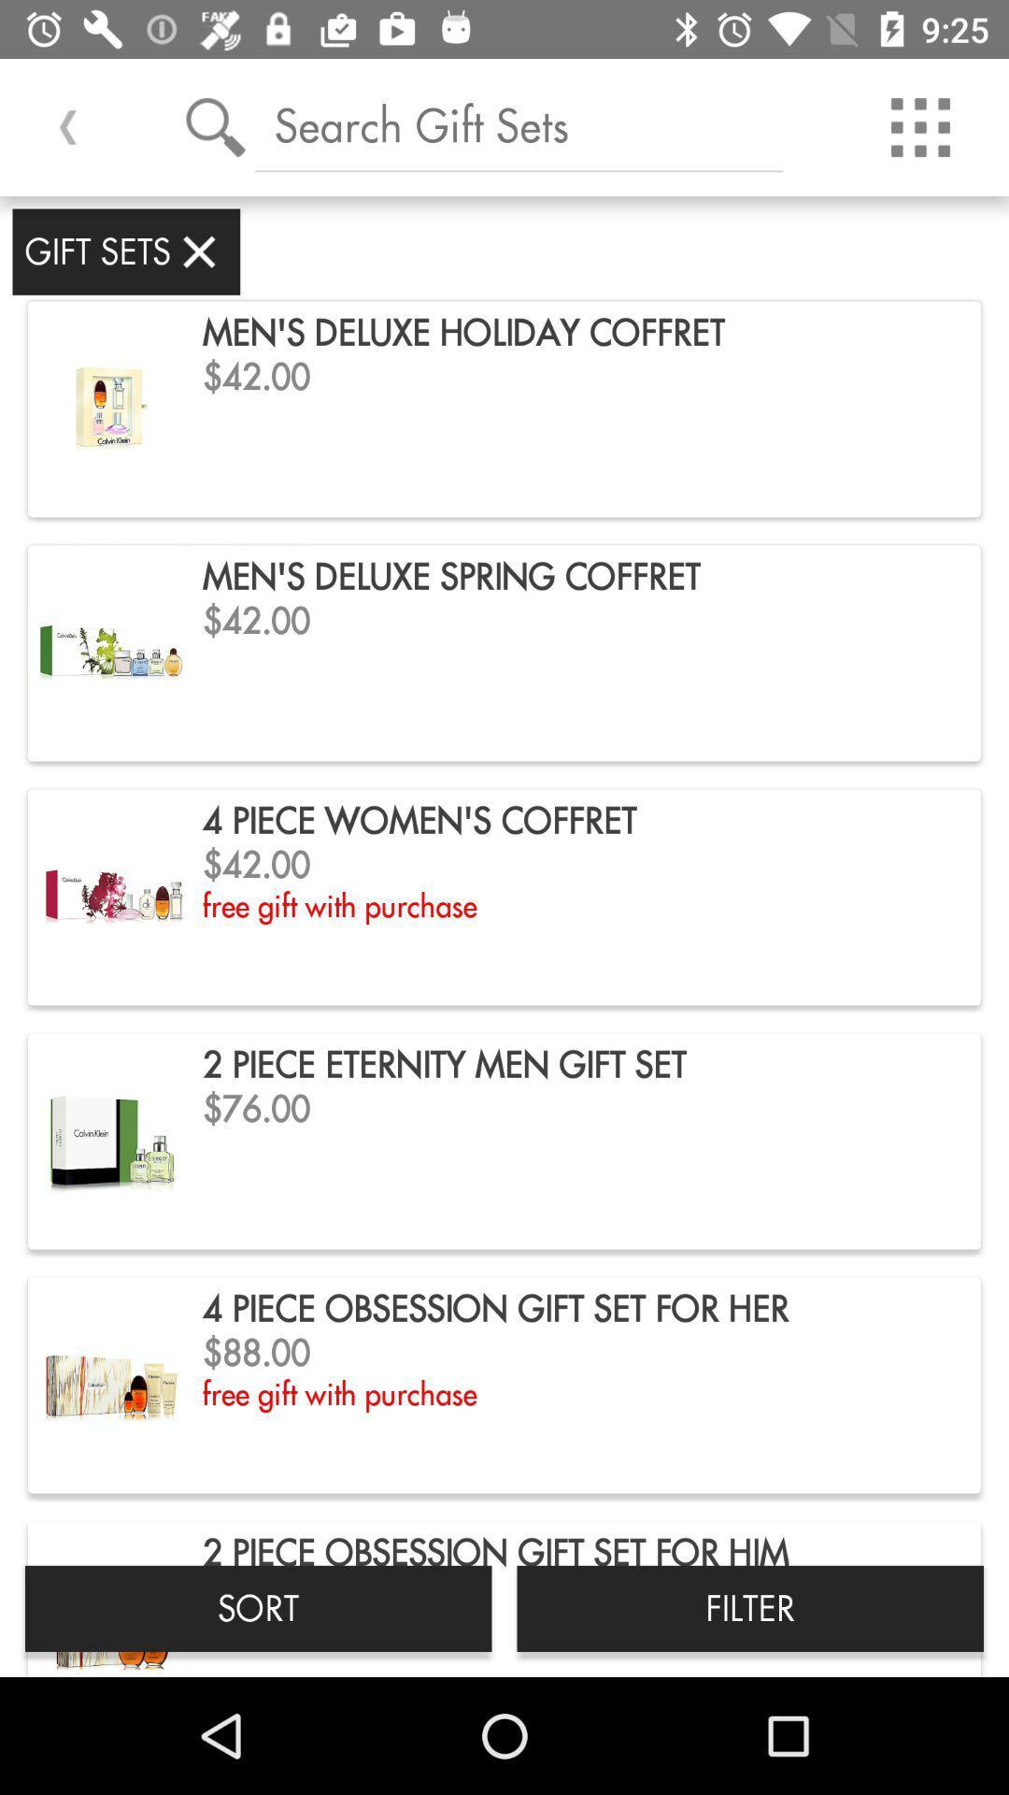 The width and height of the screenshot is (1009, 1795). I want to click on the sort item, so click(258, 1607).